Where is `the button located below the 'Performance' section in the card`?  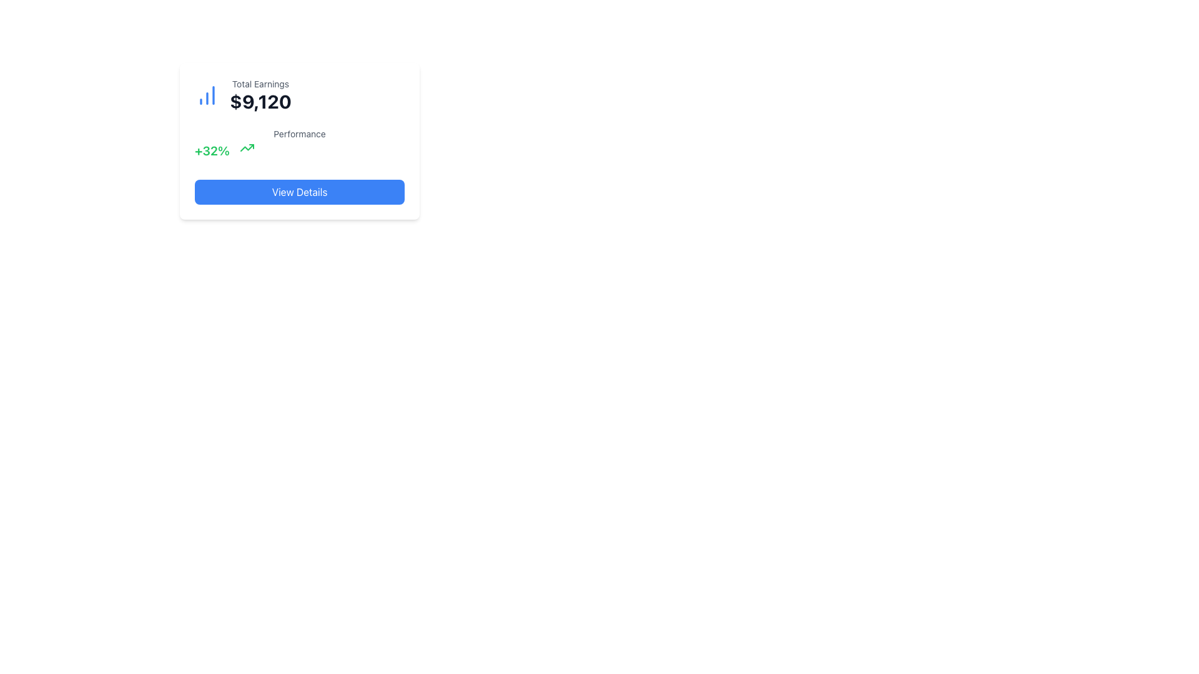
the button located below the 'Performance' section in the card is located at coordinates (300, 192).